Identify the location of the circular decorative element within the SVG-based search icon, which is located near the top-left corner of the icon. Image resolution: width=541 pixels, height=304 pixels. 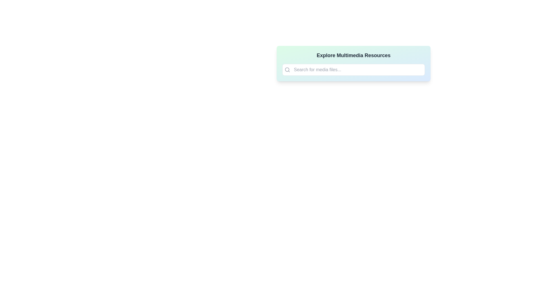
(287, 69).